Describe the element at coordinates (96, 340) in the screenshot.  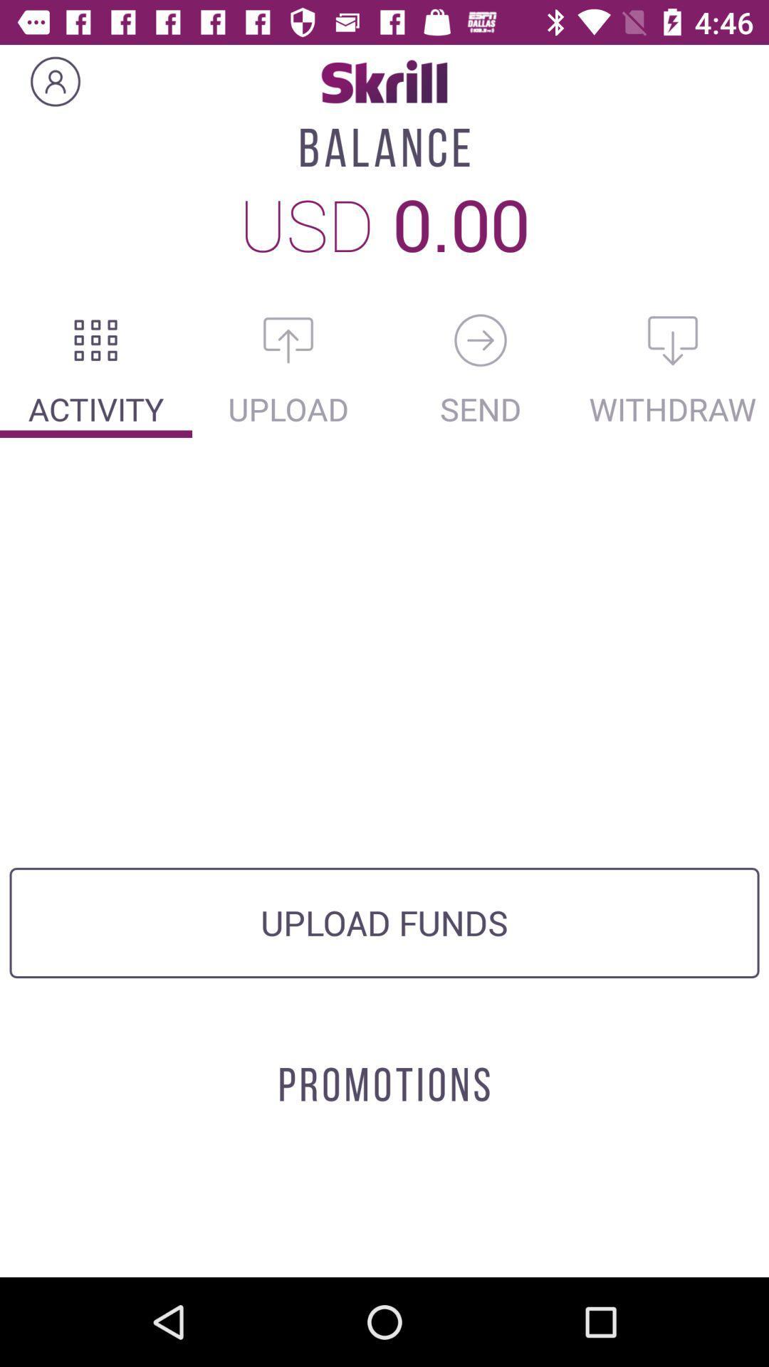
I see `the activities section` at that location.